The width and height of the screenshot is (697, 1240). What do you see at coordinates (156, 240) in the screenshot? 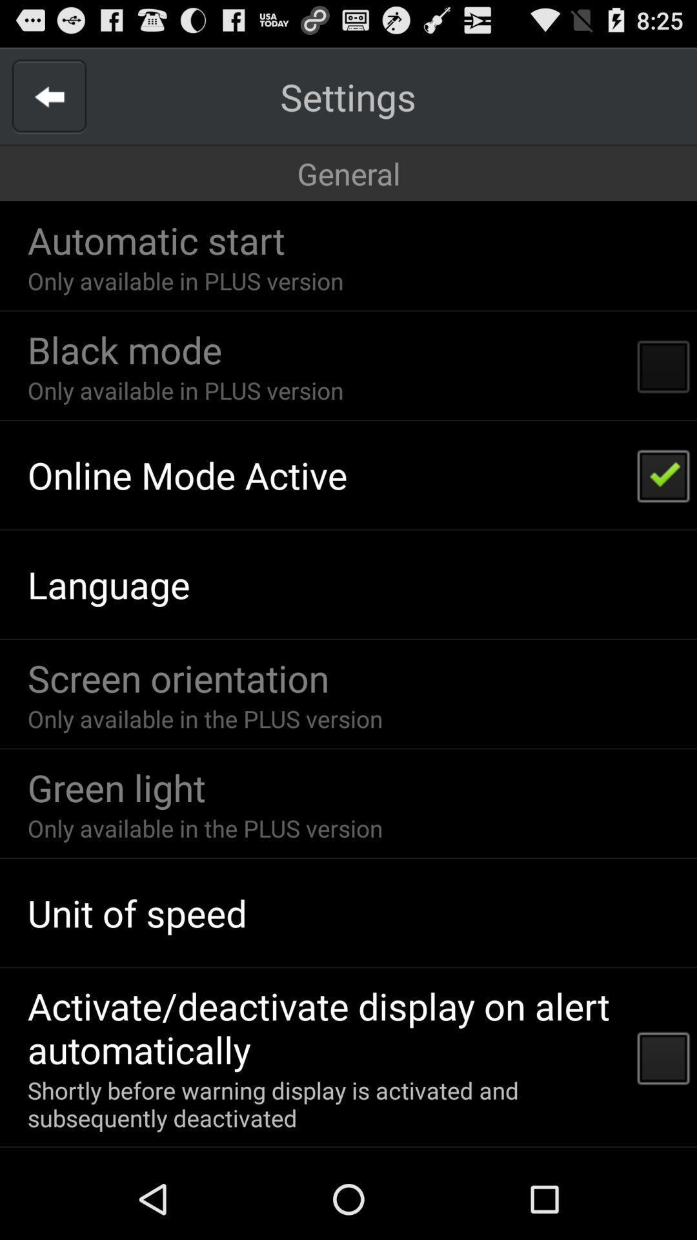
I see `app above the only available in item` at bounding box center [156, 240].